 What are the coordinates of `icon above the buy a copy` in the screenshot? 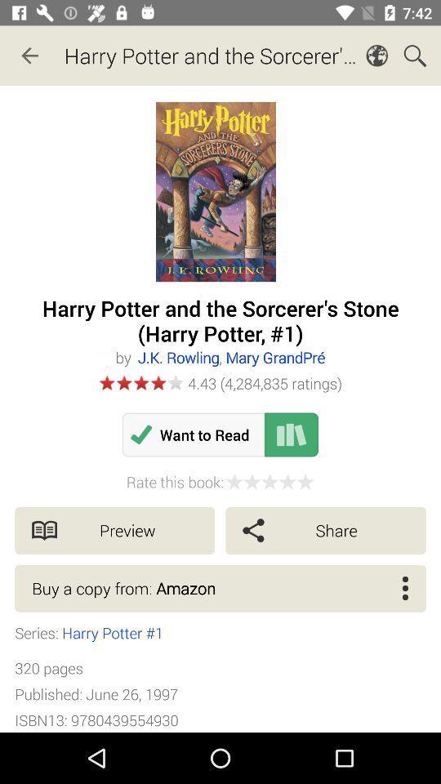 It's located at (114, 529).